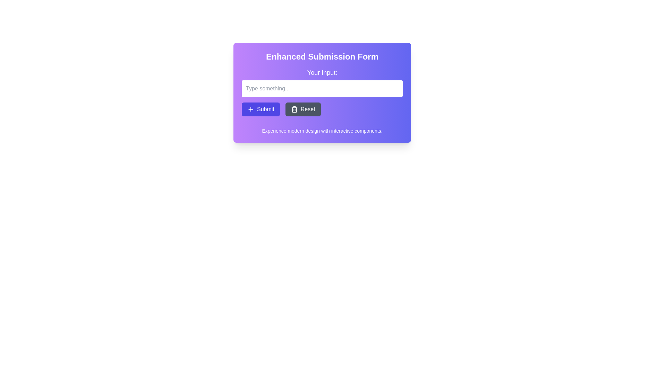  I want to click on the 'Reset' button in the Button Group located at the bottom of the 'Enhanced Submission Form' card, so click(322, 109).